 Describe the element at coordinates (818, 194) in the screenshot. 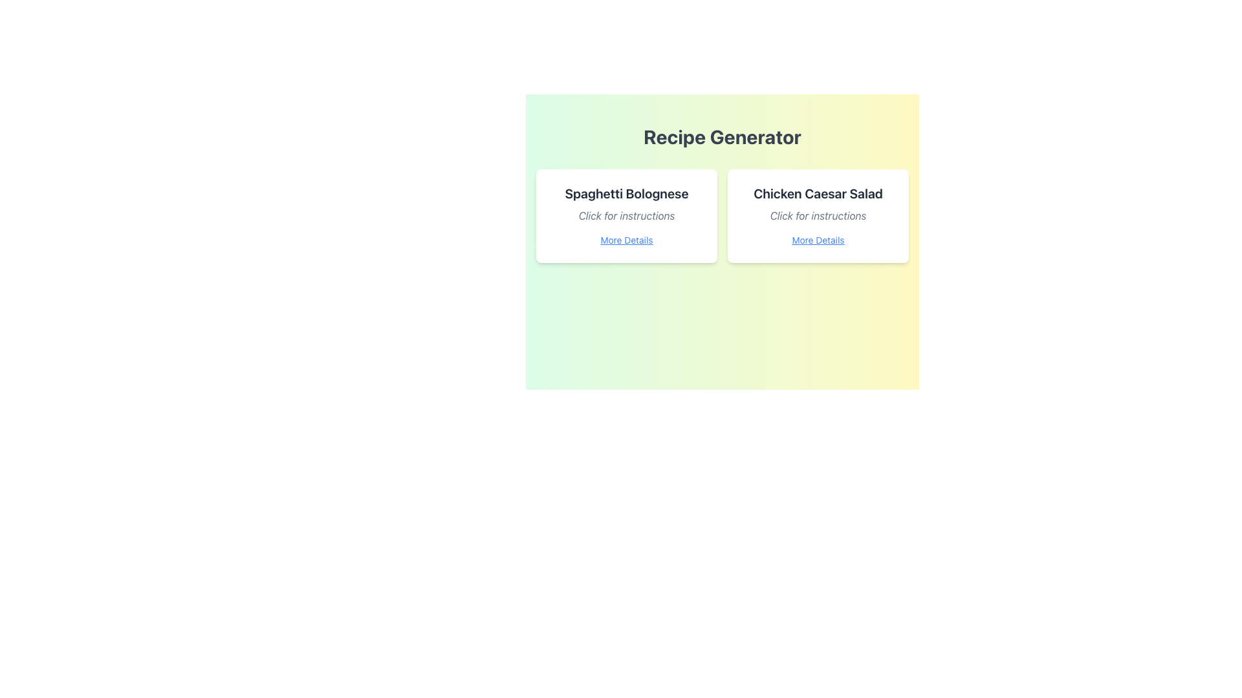

I see `the text label displaying 'Chicken Caesar Salad', which is styled in bold typography and is located at the top of the right recipe card` at that location.